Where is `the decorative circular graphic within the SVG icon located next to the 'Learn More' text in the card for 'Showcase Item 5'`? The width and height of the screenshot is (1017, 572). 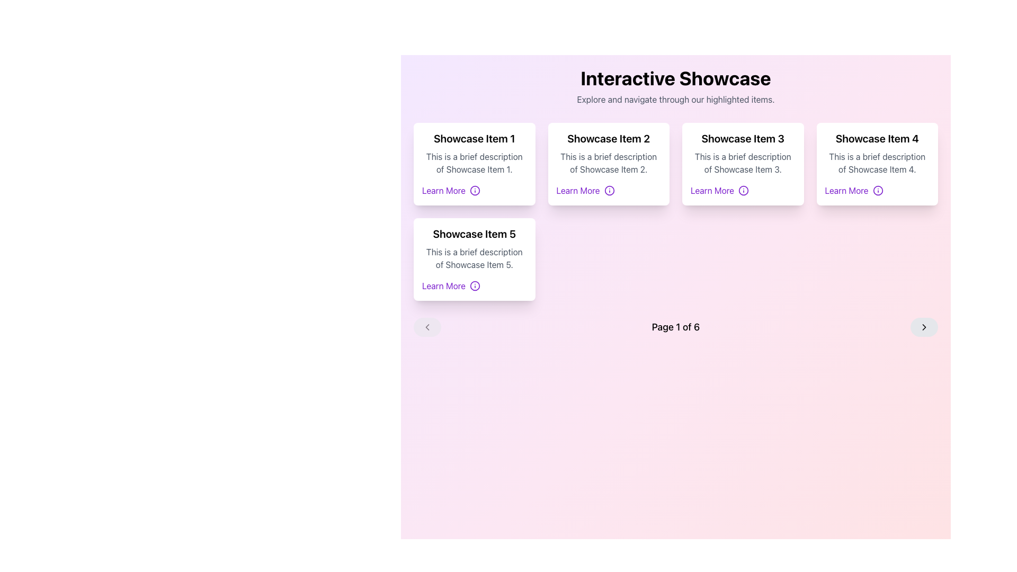
the decorative circular graphic within the SVG icon located next to the 'Learn More' text in the card for 'Showcase Item 5' is located at coordinates (475, 286).